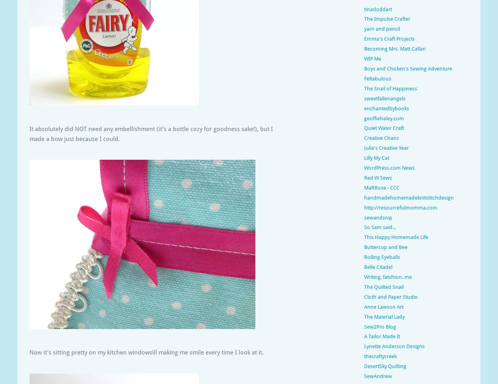 The width and height of the screenshot is (498, 384). I want to click on 'The Material Lady', so click(384, 316).